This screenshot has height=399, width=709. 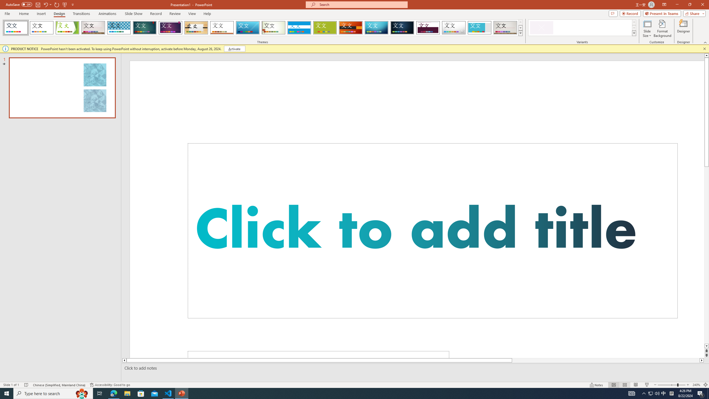 I want to click on 'Slide Notes', so click(x=414, y=368).